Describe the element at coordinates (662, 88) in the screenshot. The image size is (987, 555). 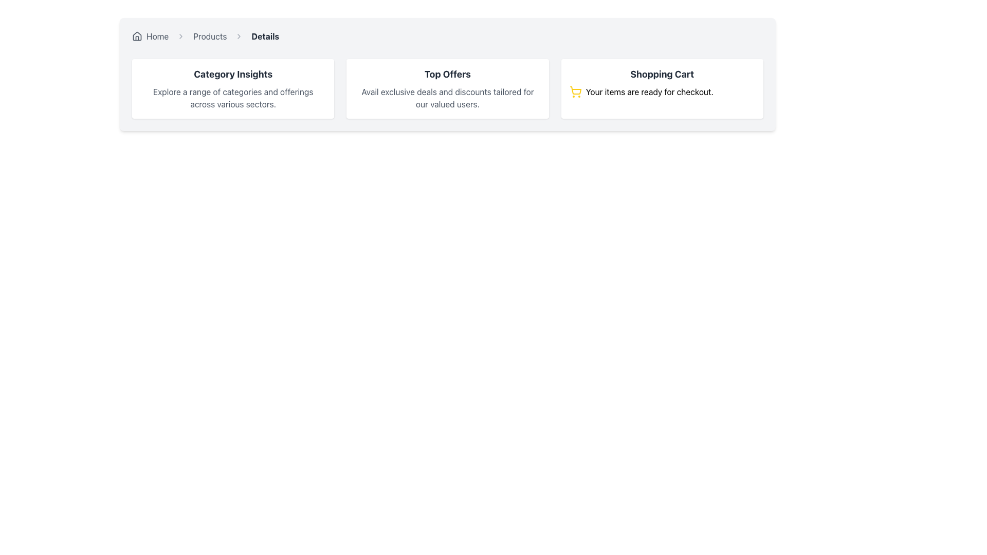
I see `the informational card that indicates the shopping cart status, which is located in the third column of a three-column grid layout, aligned horizontally with 'Category Insights' and 'Top Offers'` at that location.